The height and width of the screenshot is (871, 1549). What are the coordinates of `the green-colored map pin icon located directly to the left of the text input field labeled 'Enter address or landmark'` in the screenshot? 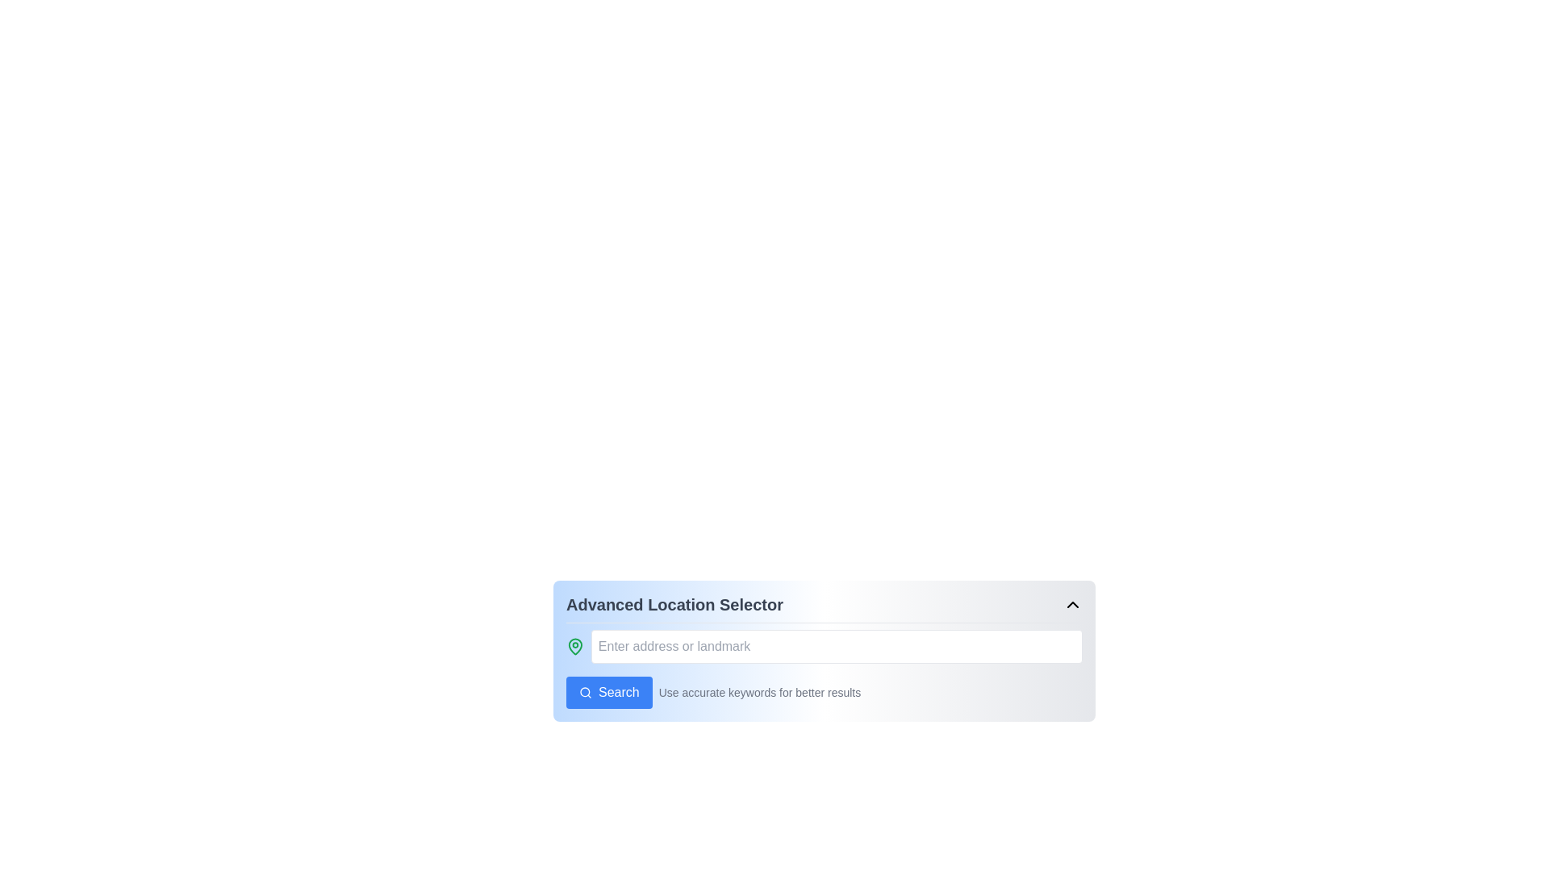 It's located at (575, 646).